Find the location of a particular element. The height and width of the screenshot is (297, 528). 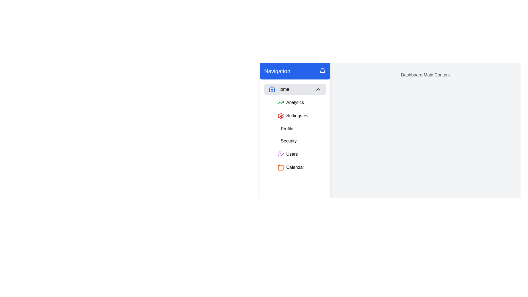

the vertical navigation menu located in the sidebar below the 'Home' section is located at coordinates (295, 135).